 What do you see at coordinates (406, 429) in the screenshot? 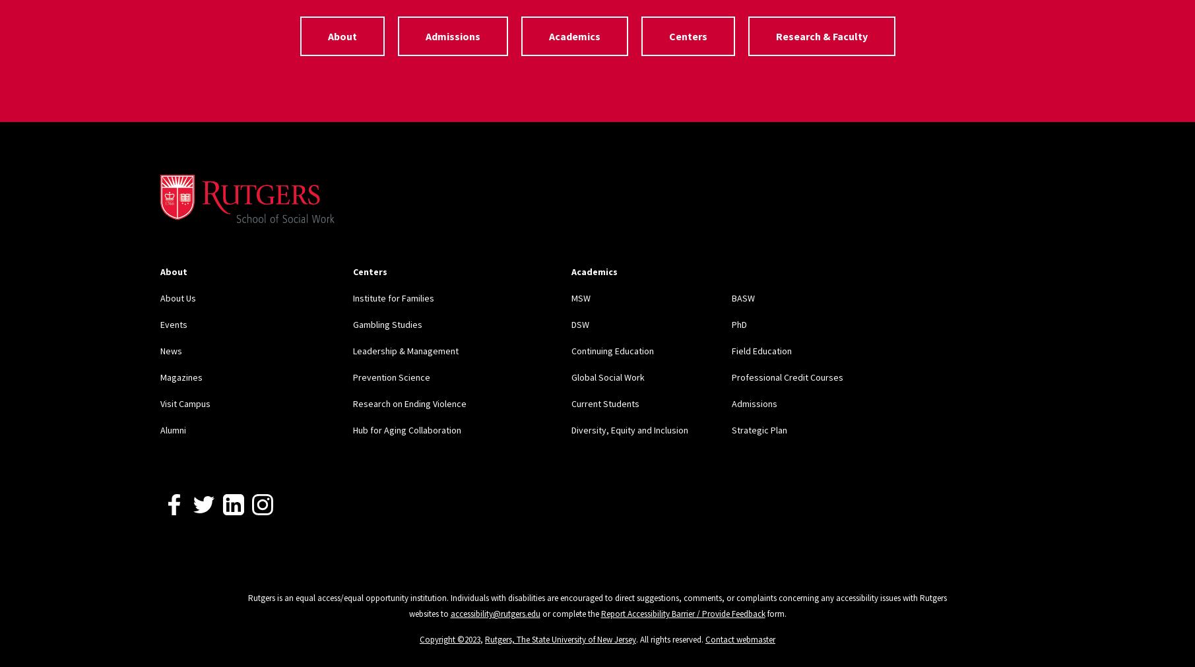
I see `'Hub for Aging Collaboration'` at bounding box center [406, 429].